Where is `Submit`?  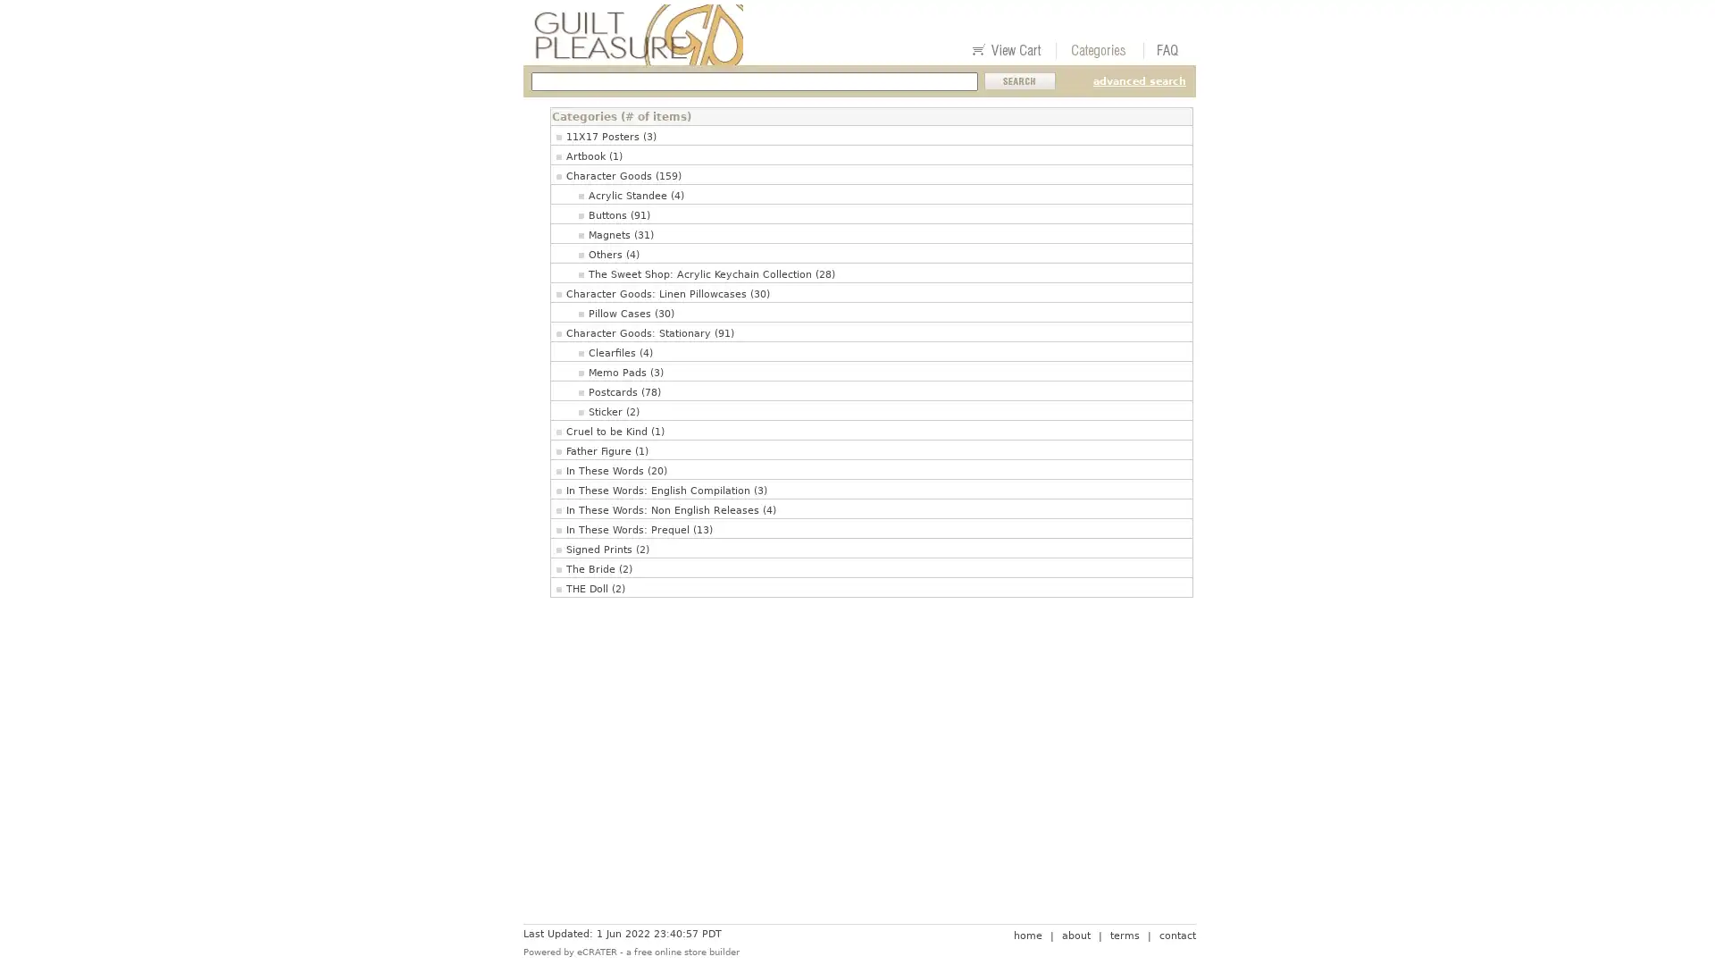
Submit is located at coordinates (1019, 81).